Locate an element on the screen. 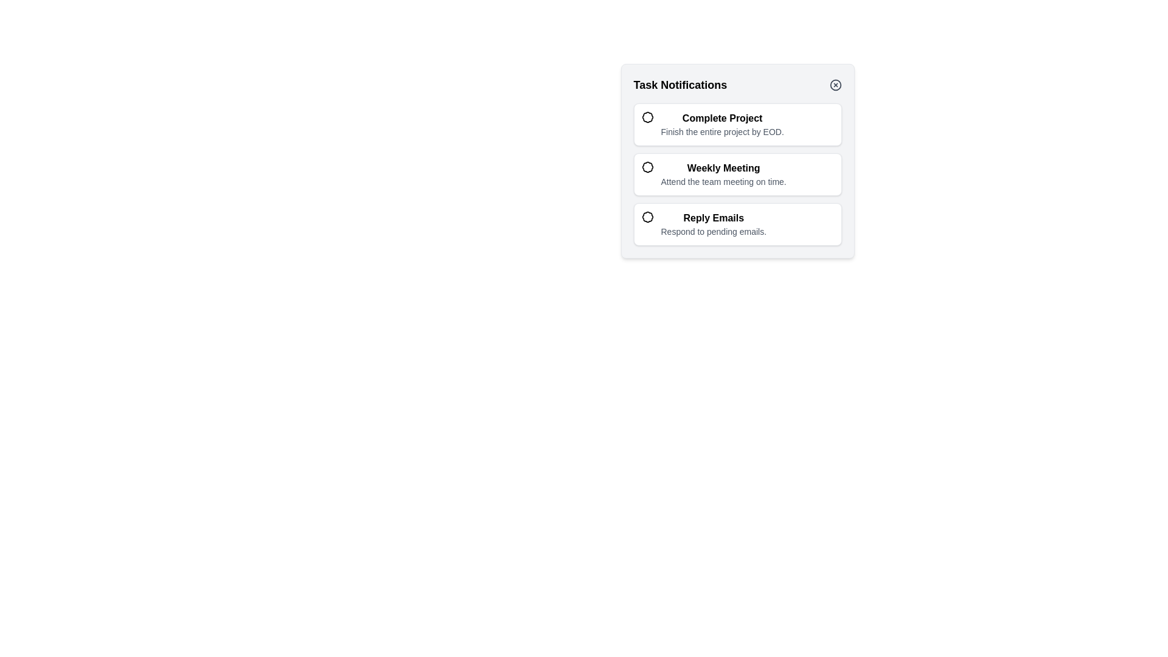  the priority icon located to the left of the text 'Complete Project' in the first section of the task notification card is located at coordinates (647, 117).